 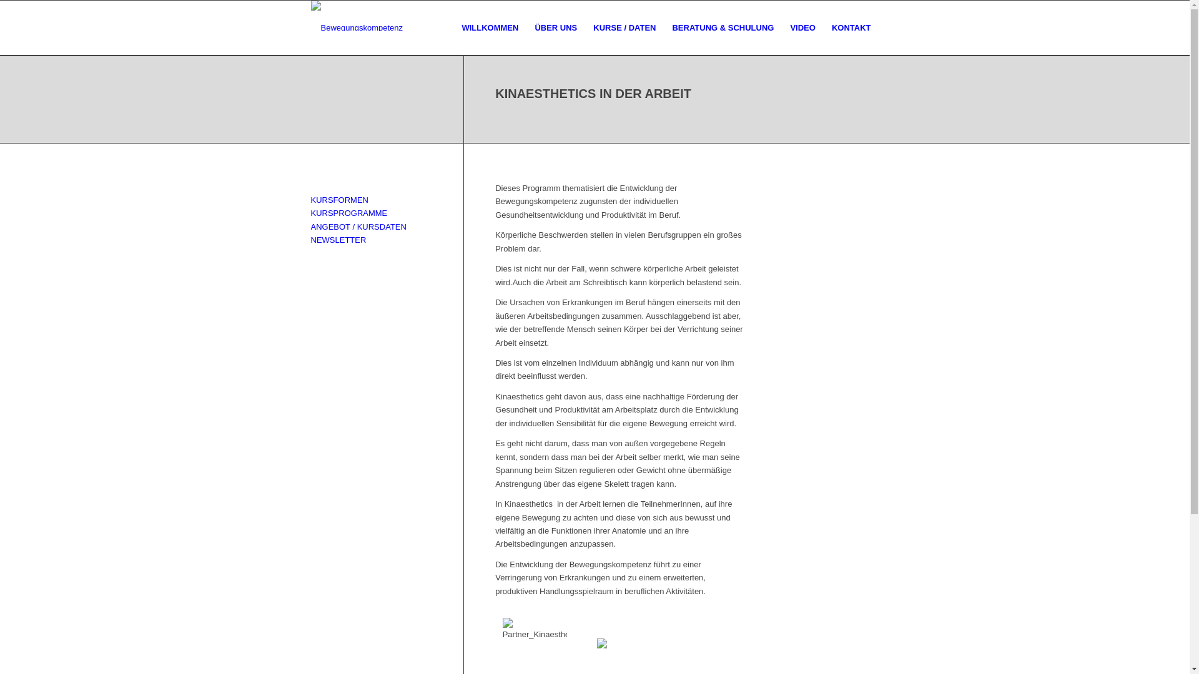 What do you see at coordinates (851, 28) in the screenshot?
I see `'KONTAKT'` at bounding box center [851, 28].